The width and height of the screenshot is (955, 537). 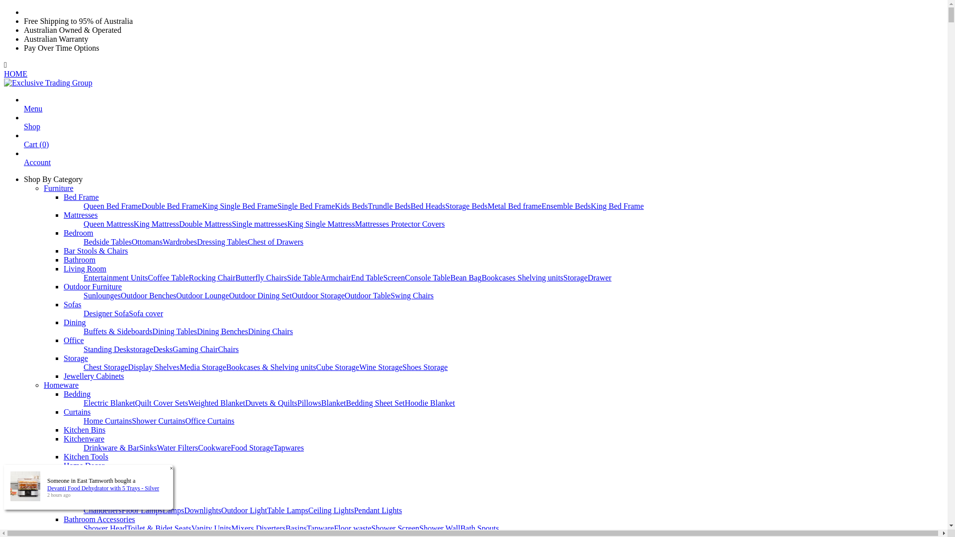 What do you see at coordinates (37, 166) in the screenshot?
I see `'Account'` at bounding box center [37, 166].